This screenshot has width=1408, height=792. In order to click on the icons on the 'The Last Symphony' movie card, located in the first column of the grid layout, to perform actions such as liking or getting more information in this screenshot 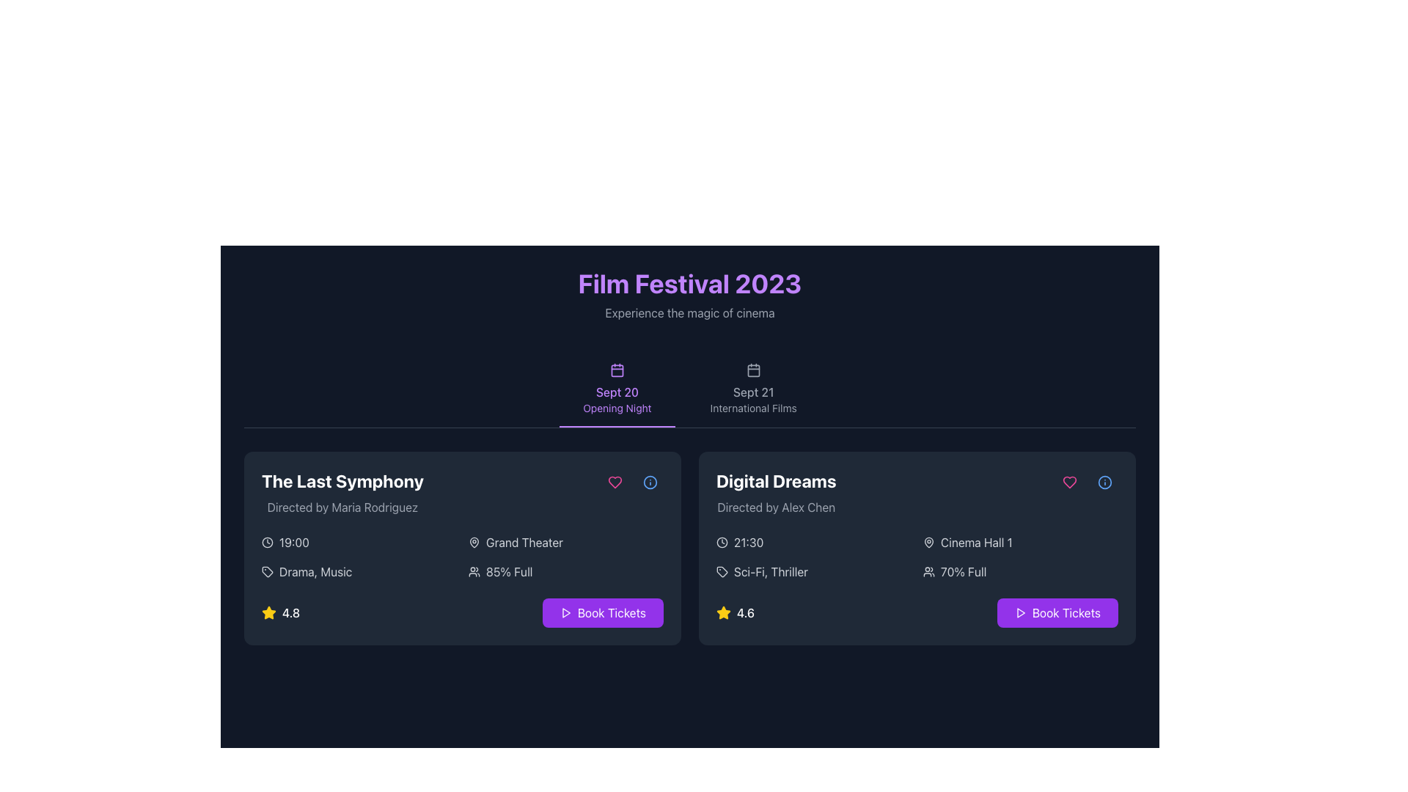, I will do `click(461, 549)`.